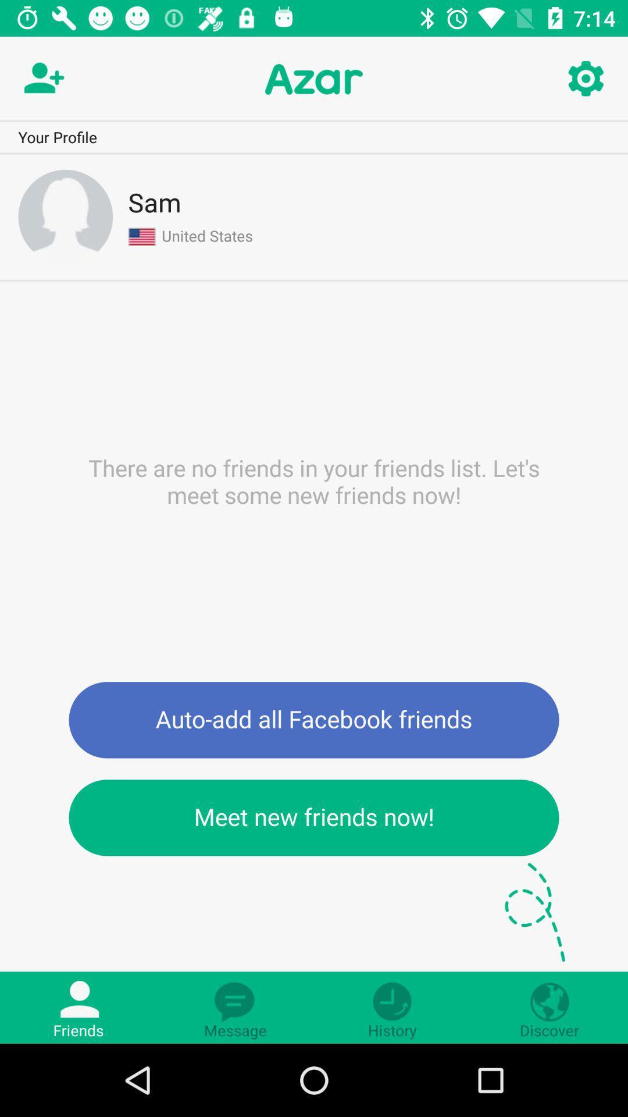 The width and height of the screenshot is (628, 1117). What do you see at coordinates (42, 79) in the screenshot?
I see `friend` at bounding box center [42, 79].